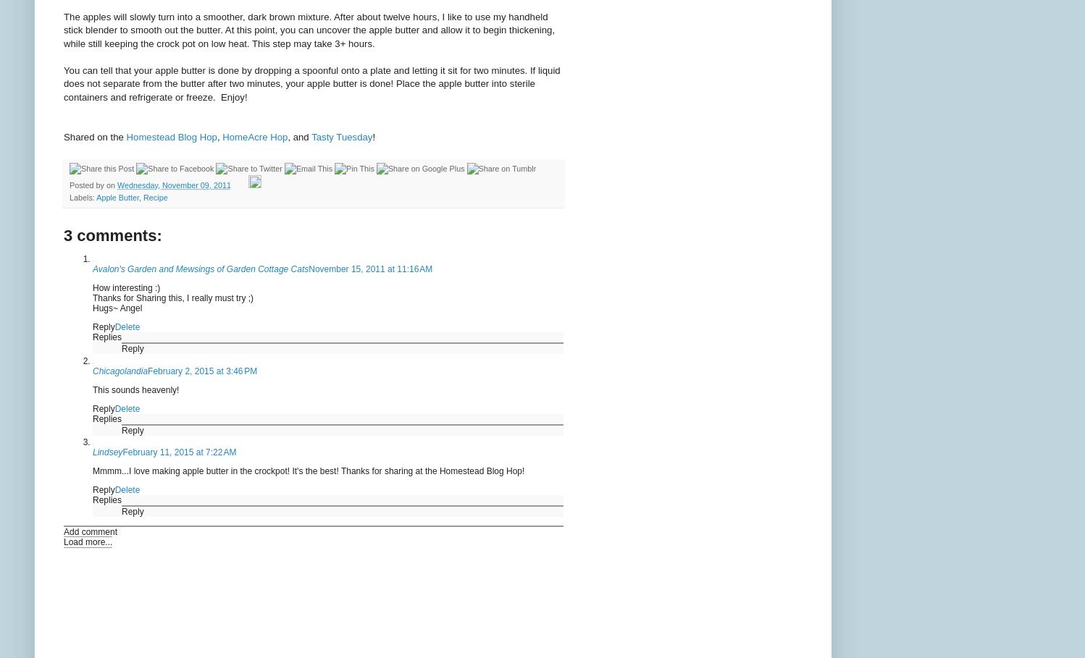  What do you see at coordinates (69, 197) in the screenshot?
I see `'Labels:'` at bounding box center [69, 197].